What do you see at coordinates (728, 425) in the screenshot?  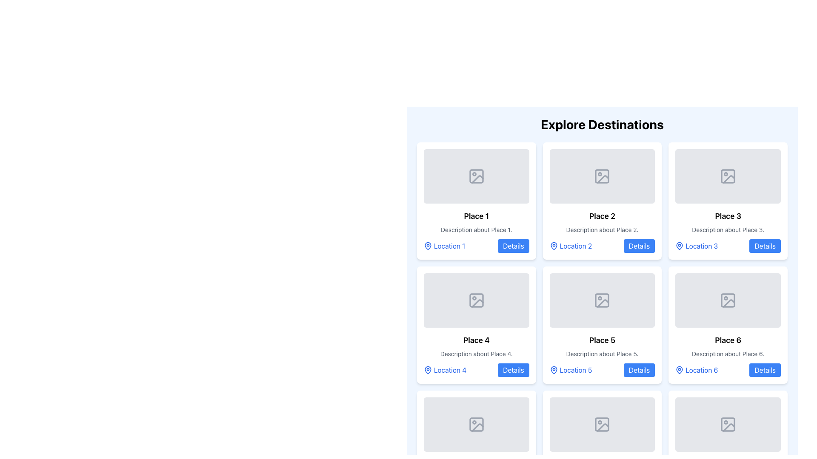 I see `the image placeholder for 'Place 9', which is located in the third column of the third row in a grid layout, positioned above the text 'Place 9'` at bounding box center [728, 425].